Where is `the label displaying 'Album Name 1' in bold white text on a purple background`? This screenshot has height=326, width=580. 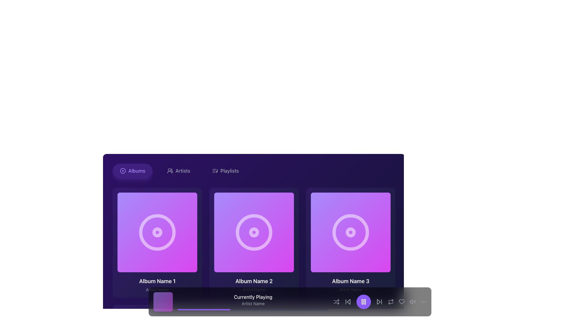 the label displaying 'Album Name 1' in bold white text on a purple background is located at coordinates (157, 281).